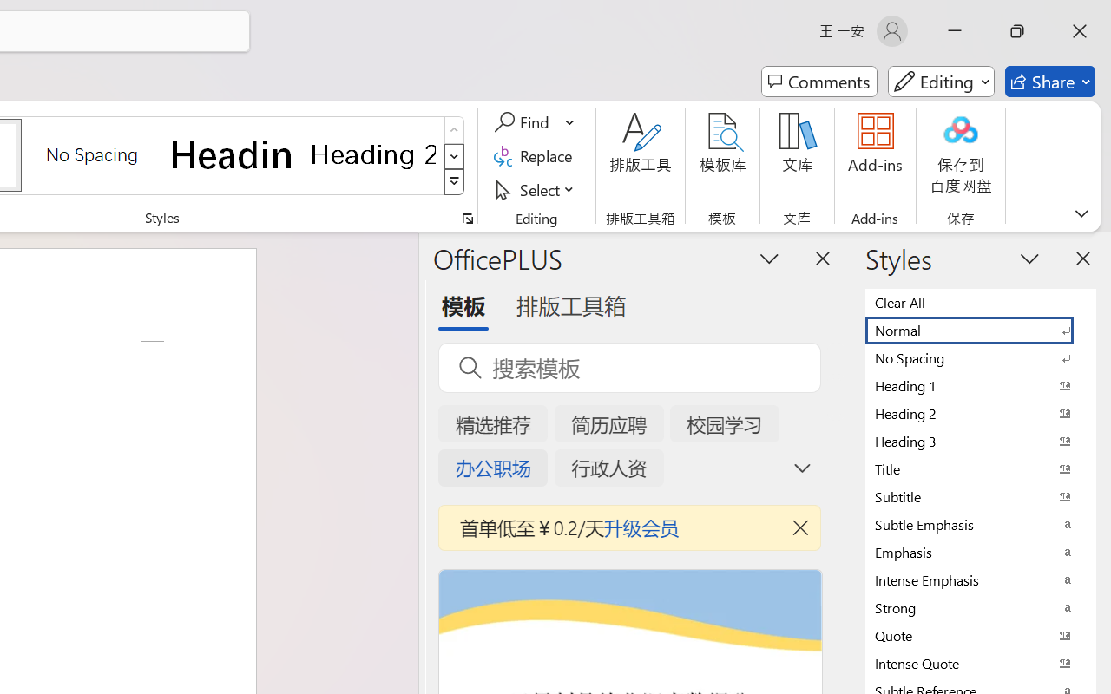  I want to click on 'Styles...', so click(467, 218).